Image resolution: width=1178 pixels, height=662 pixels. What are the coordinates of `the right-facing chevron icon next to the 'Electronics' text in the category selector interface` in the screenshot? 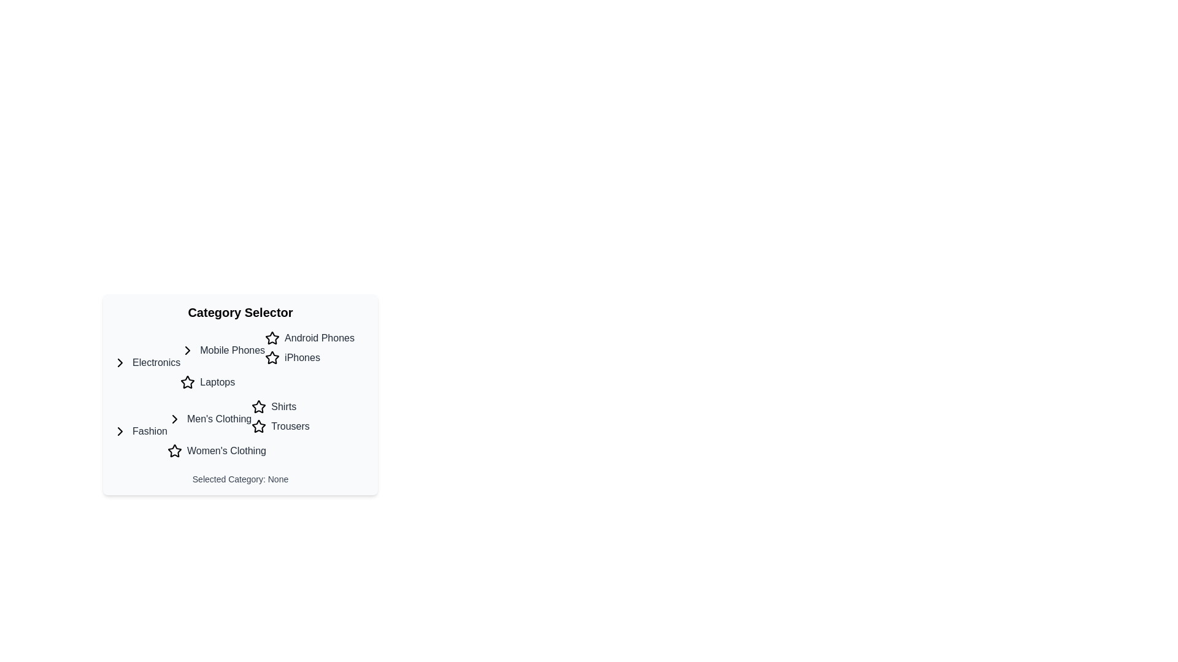 It's located at (120, 362).